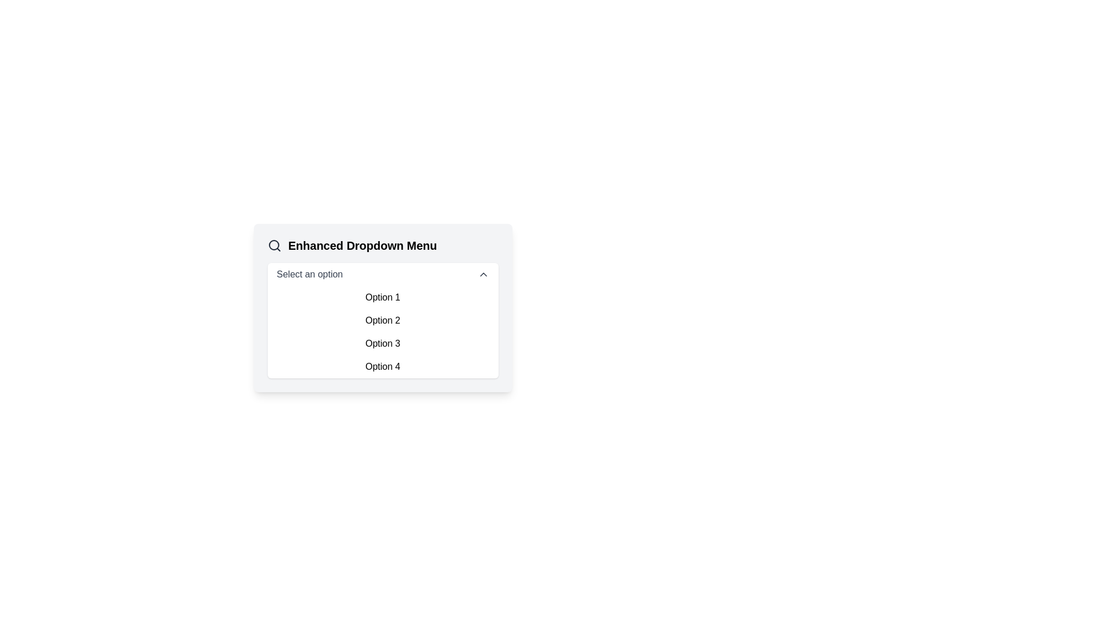 This screenshot has height=623, width=1108. What do you see at coordinates (383, 320) in the screenshot?
I see `the selectable list item with the text 'Option 2' in the dropdown menu` at bounding box center [383, 320].